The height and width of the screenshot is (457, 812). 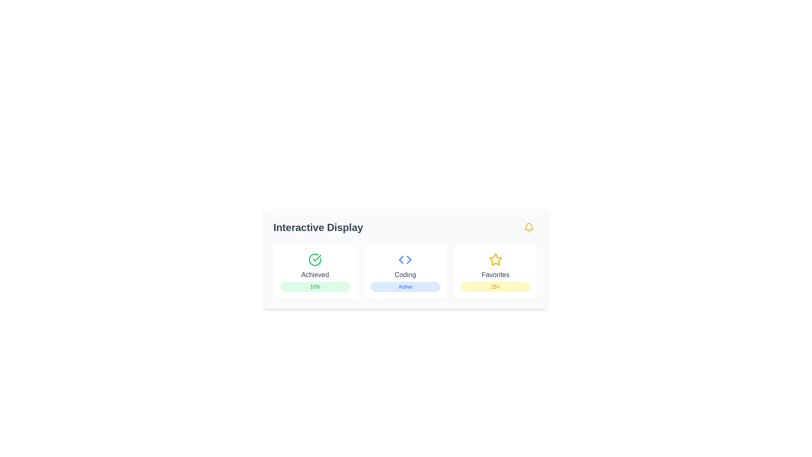 What do you see at coordinates (495, 275) in the screenshot?
I see `the text element labeled 'Favorites' located beneath the yellow star icon in the third card of a row, positioned above '25+'` at bounding box center [495, 275].